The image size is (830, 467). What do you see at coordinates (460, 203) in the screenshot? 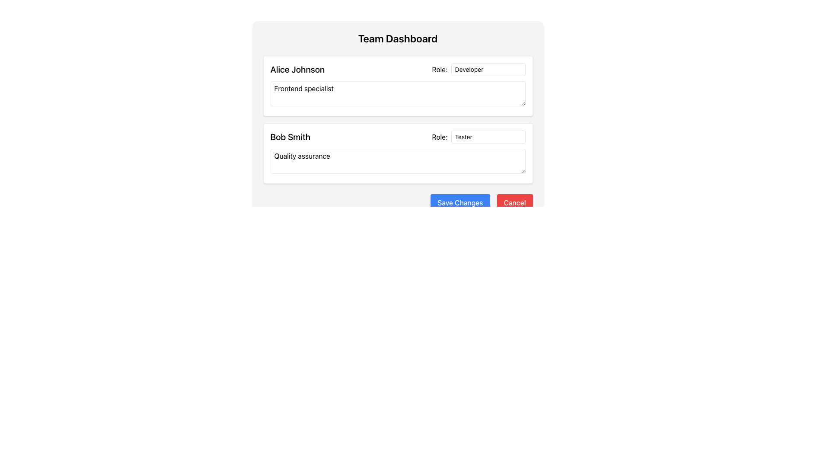
I see `the save button located in the bottom-right corner of the panel, next to the red 'Cancel' button` at bounding box center [460, 203].